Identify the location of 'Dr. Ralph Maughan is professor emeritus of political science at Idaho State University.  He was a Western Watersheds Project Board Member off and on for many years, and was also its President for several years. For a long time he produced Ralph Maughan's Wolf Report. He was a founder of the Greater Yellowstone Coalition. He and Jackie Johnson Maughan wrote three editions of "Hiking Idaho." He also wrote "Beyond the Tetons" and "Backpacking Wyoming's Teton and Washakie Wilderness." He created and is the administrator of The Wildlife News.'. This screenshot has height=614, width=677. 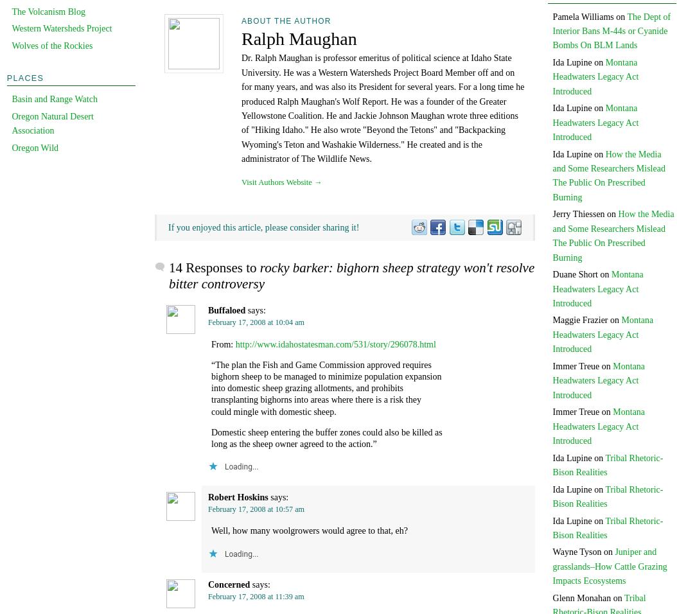
(382, 109).